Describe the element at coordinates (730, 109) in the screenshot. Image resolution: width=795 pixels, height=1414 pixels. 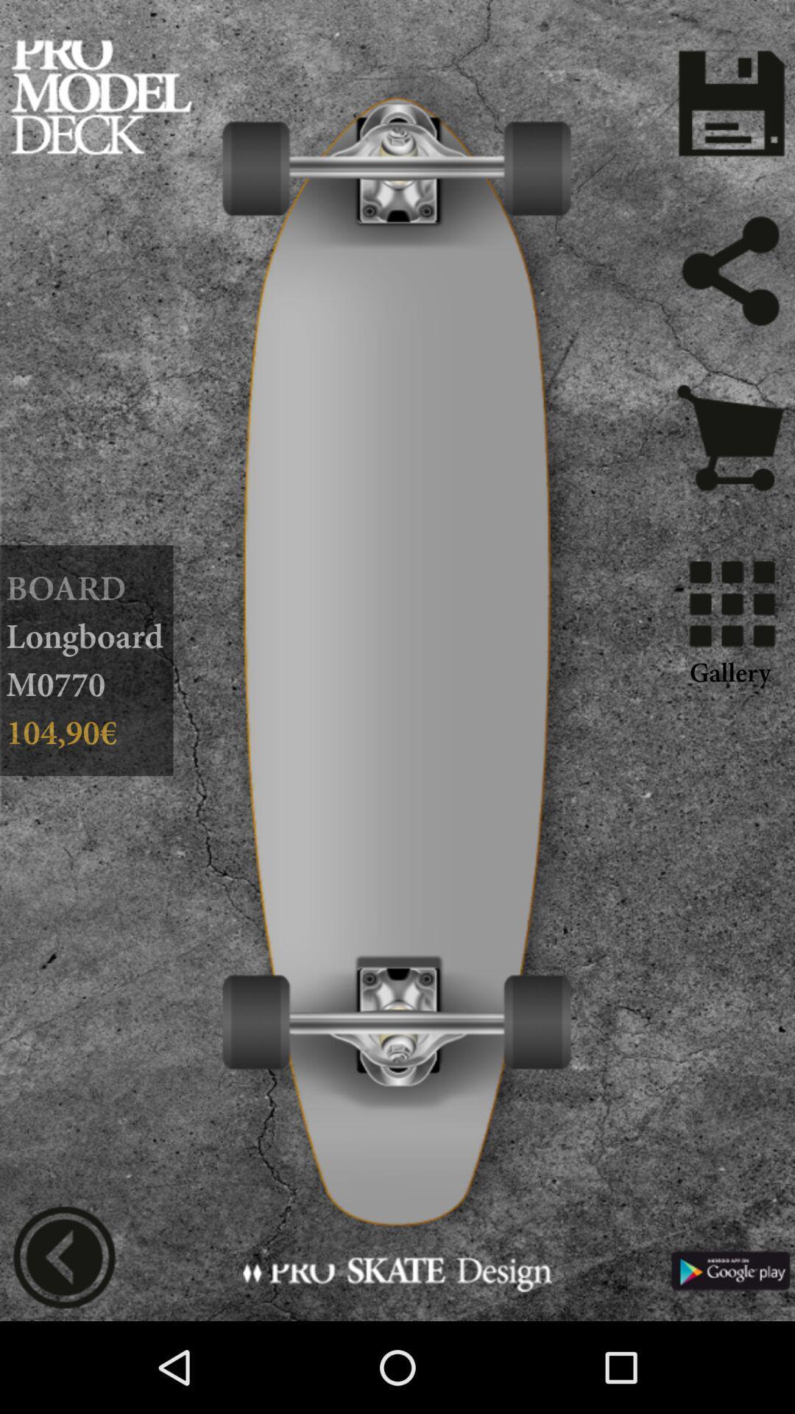
I see `the save icon` at that location.